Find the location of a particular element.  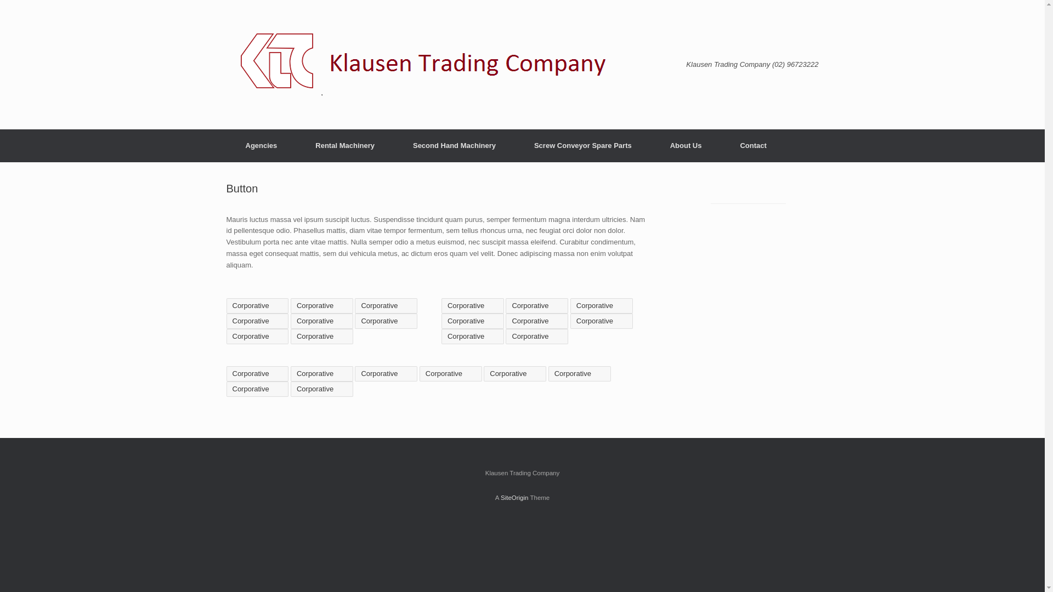

'SiteOrigin' is located at coordinates (500, 497).